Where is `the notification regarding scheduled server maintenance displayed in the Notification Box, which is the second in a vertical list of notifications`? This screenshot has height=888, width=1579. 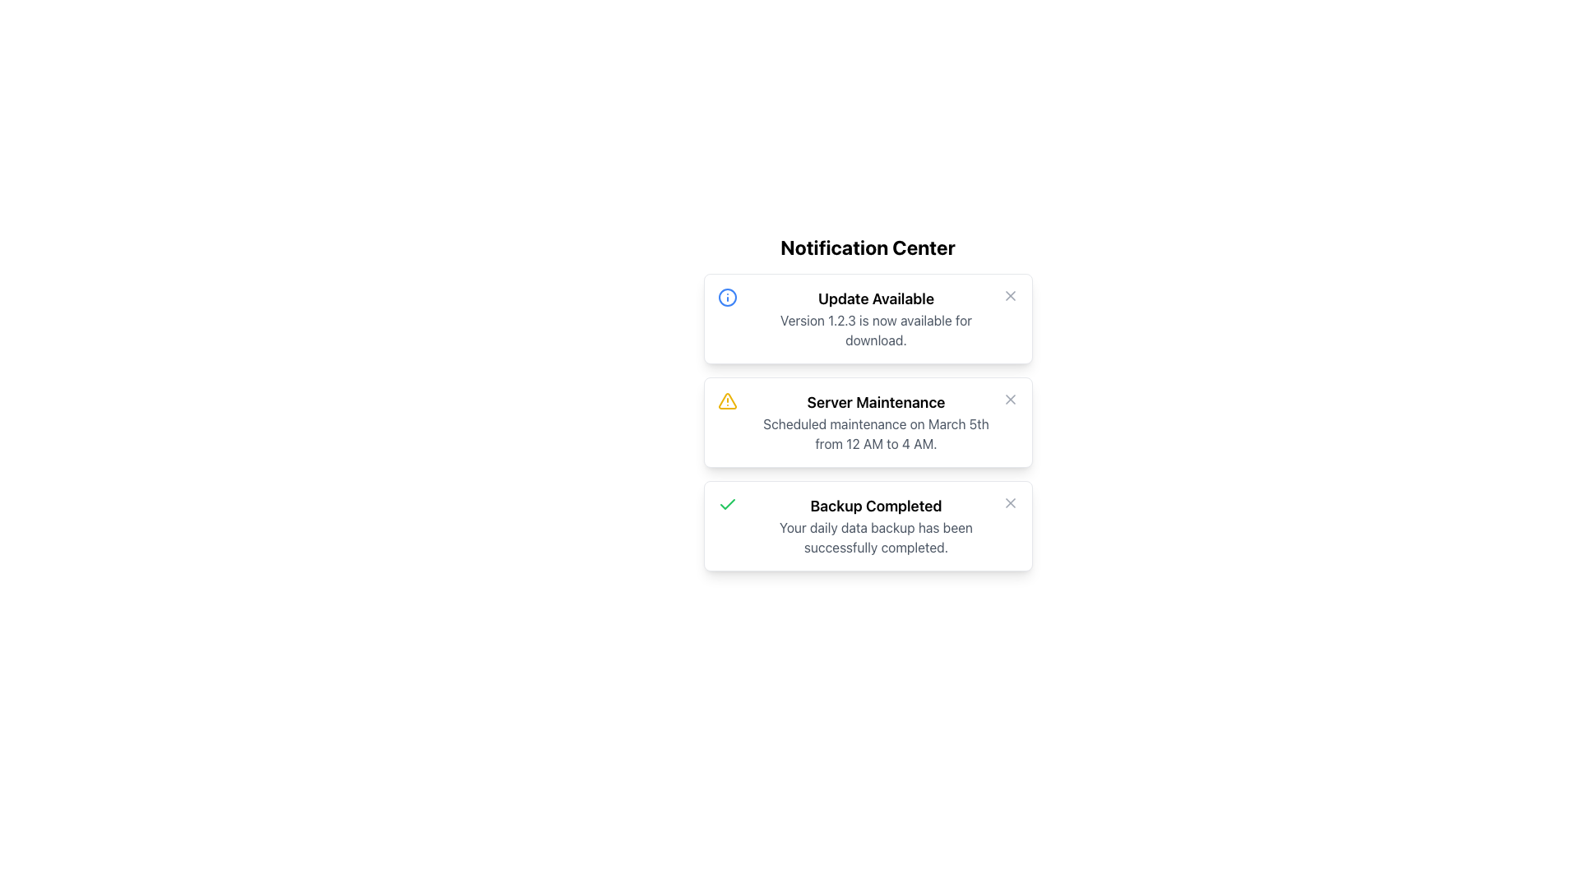 the notification regarding scheduled server maintenance displayed in the Notification Box, which is the second in a vertical list of notifications is located at coordinates (867, 421).